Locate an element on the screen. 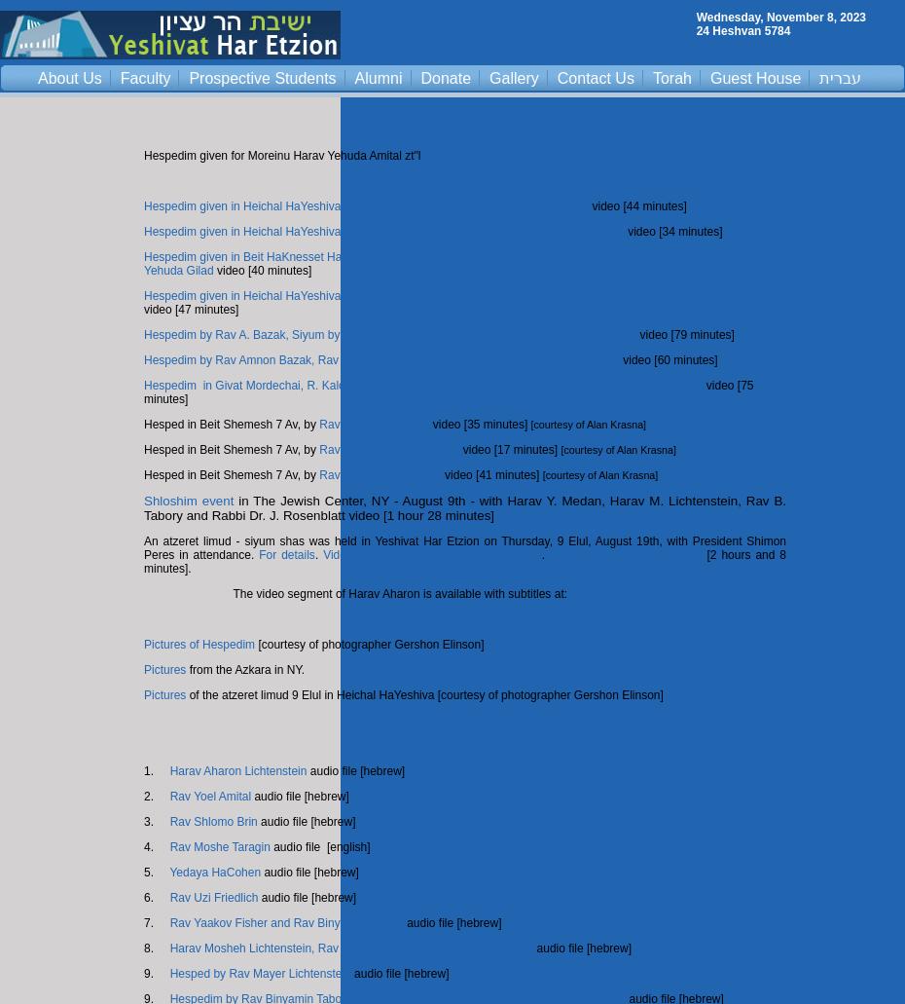  '4.' is located at coordinates (155, 846).